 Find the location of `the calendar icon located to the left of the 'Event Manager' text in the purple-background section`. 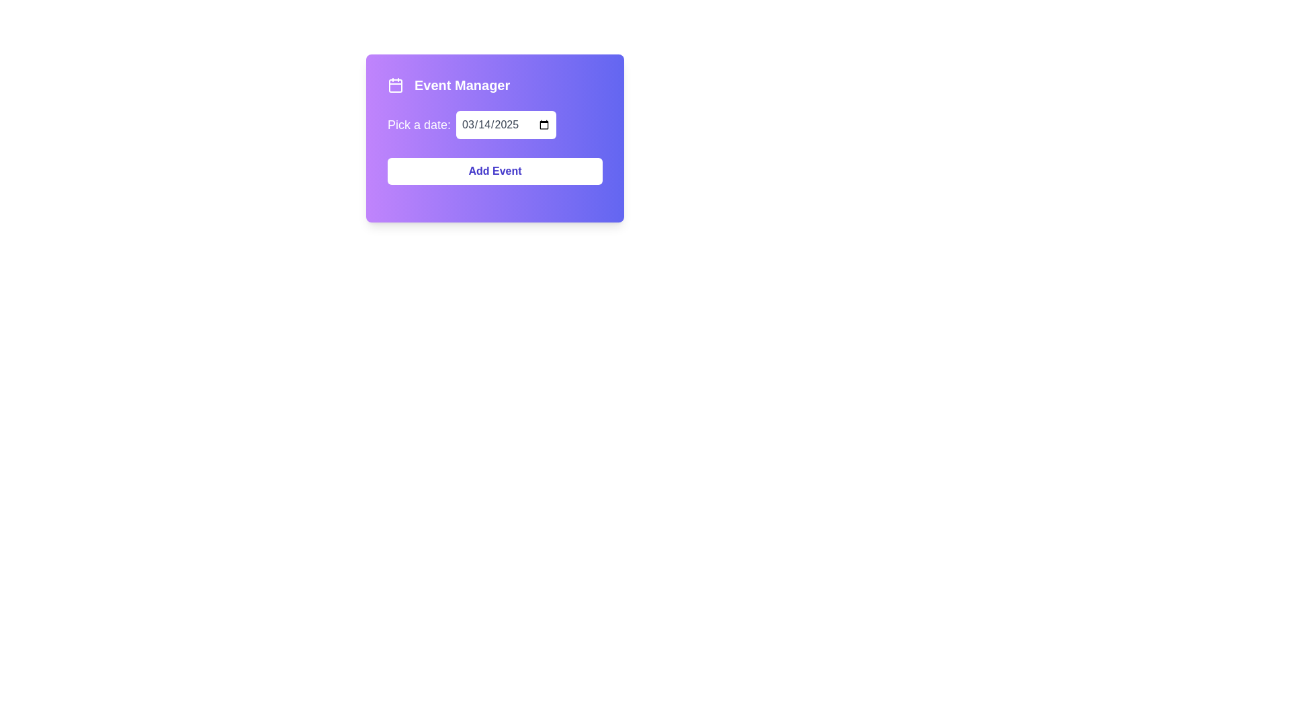

the calendar icon located to the left of the 'Event Manager' text in the purple-background section is located at coordinates (395, 85).